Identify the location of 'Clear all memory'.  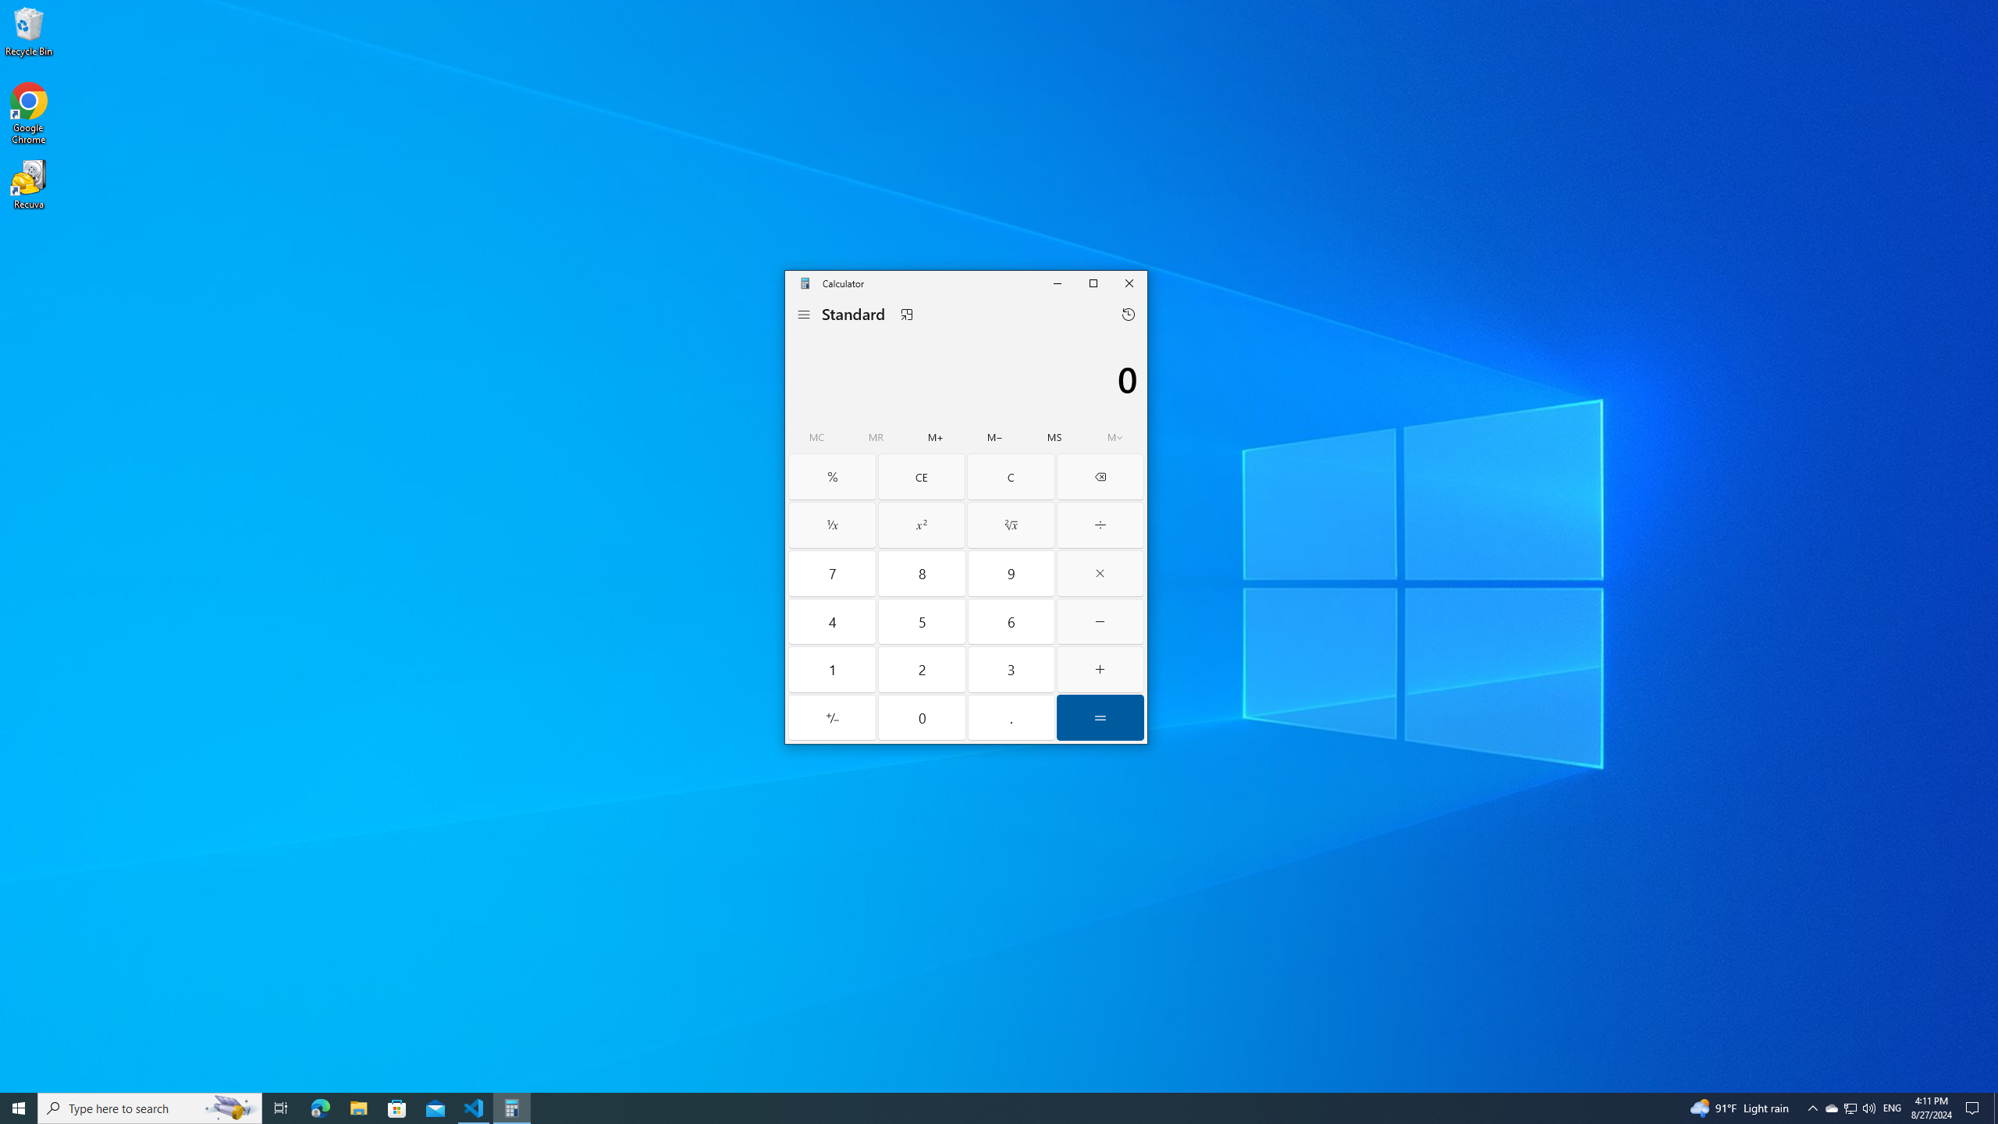
(817, 436).